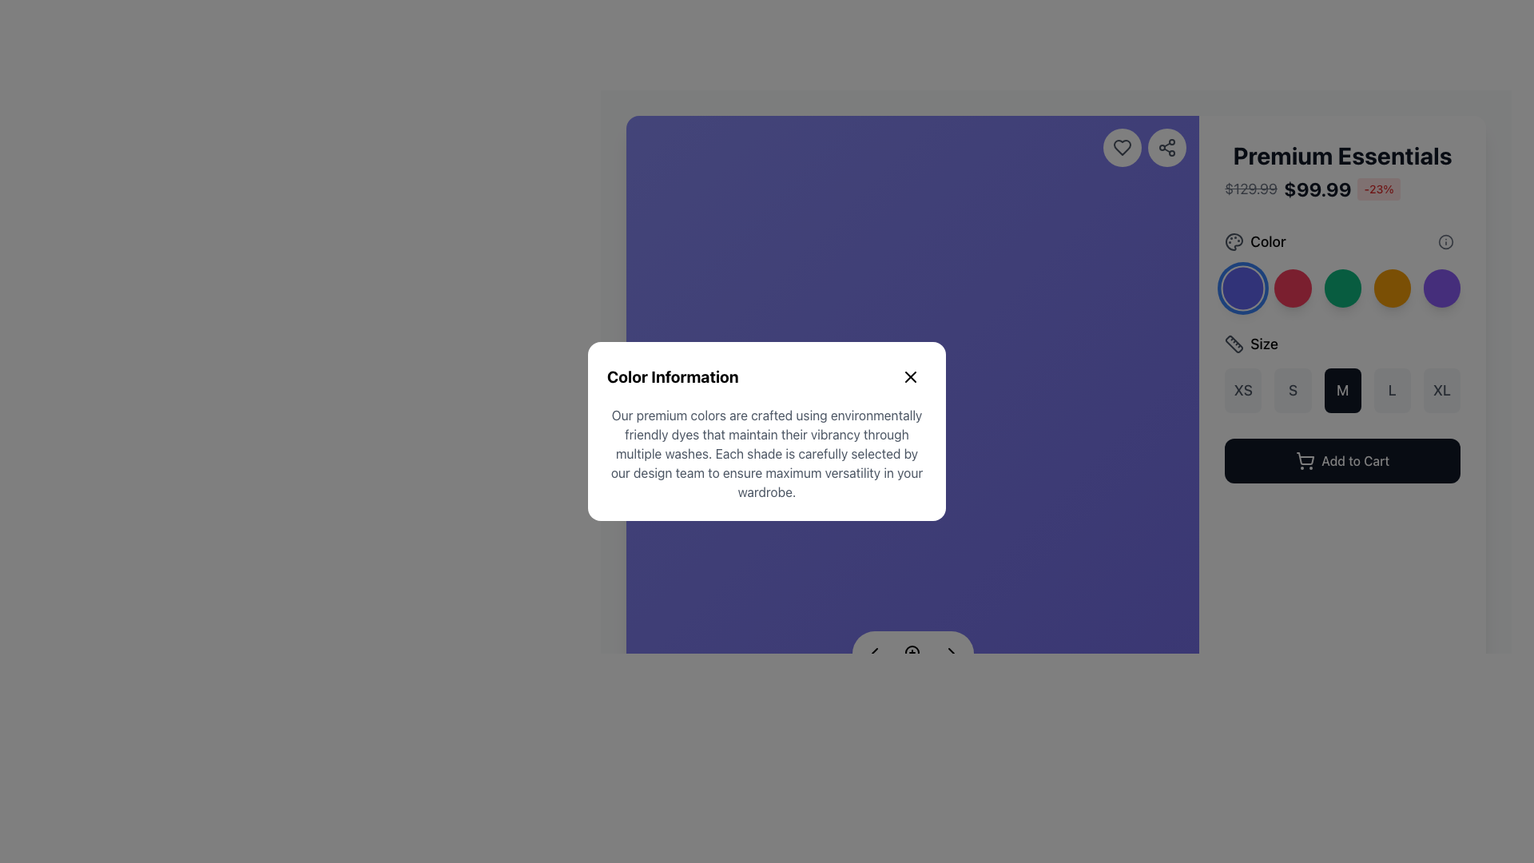 This screenshot has width=1534, height=863. I want to click on the small, circular 'X' icon button located in the top-right corner of the 'Color Information' dialog box, so click(911, 376).